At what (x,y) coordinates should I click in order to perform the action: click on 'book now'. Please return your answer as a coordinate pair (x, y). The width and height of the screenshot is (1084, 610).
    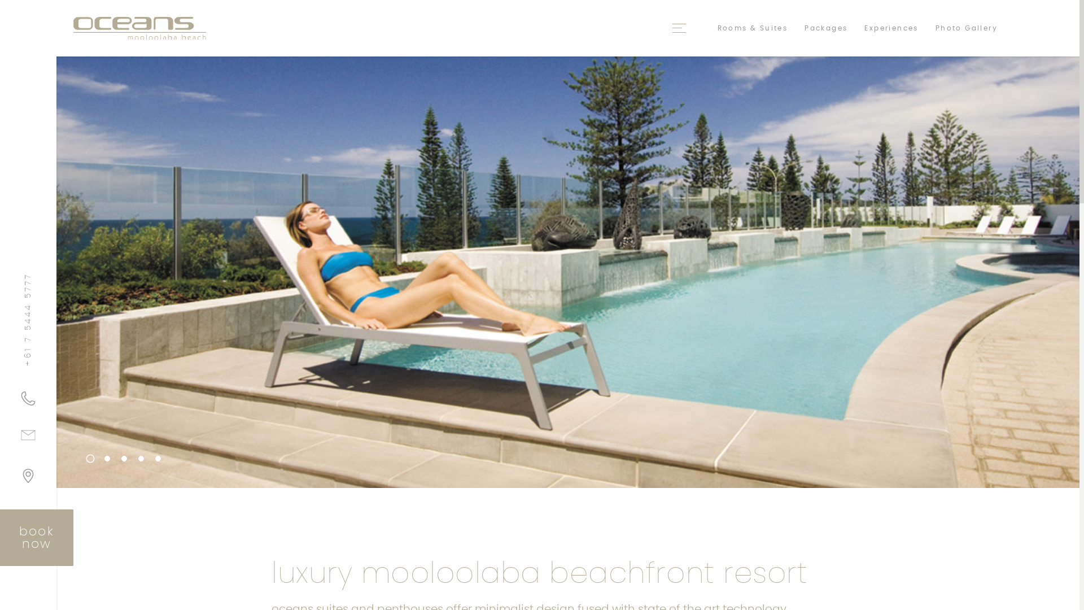
    Looking at the image, I should click on (0, 537).